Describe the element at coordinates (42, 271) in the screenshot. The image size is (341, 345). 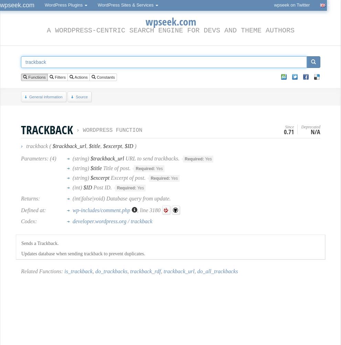
I see `'Related Functions:'` at that location.